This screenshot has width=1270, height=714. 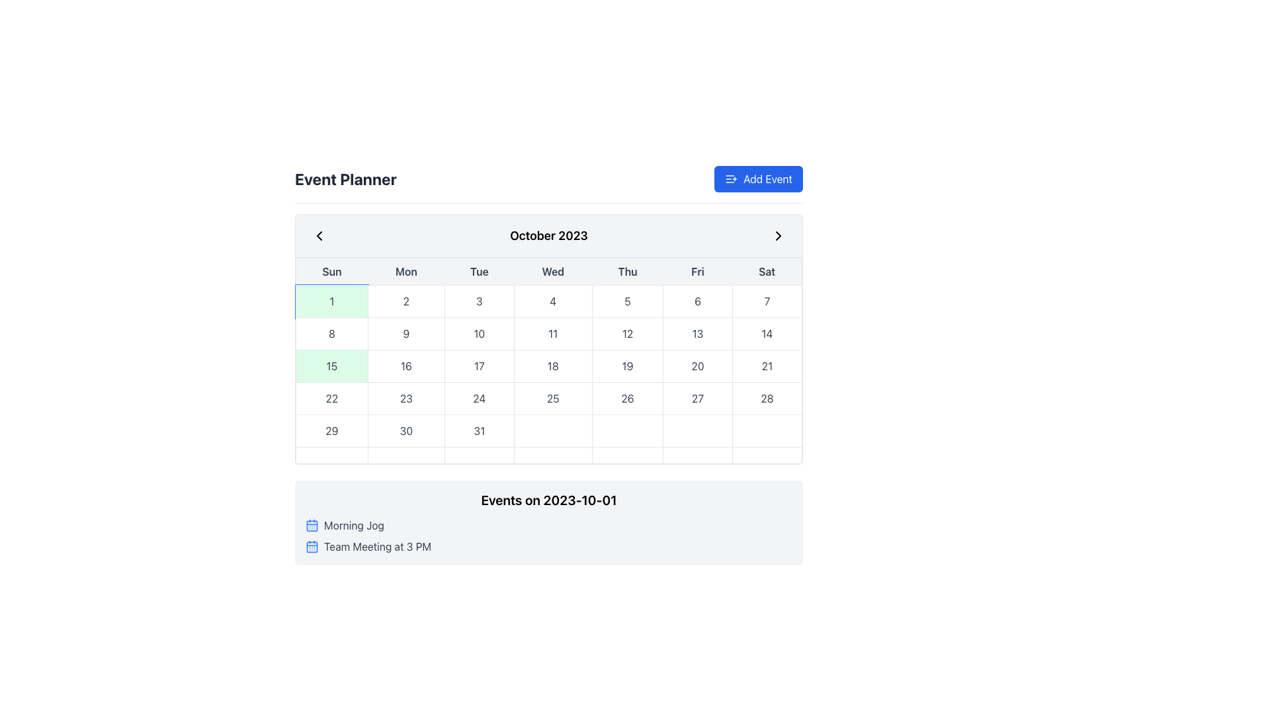 I want to click on the static text label that indicates the currently displayed month and year in the calendar, positioned at the top-center of the calendar interface, so click(x=549, y=235).